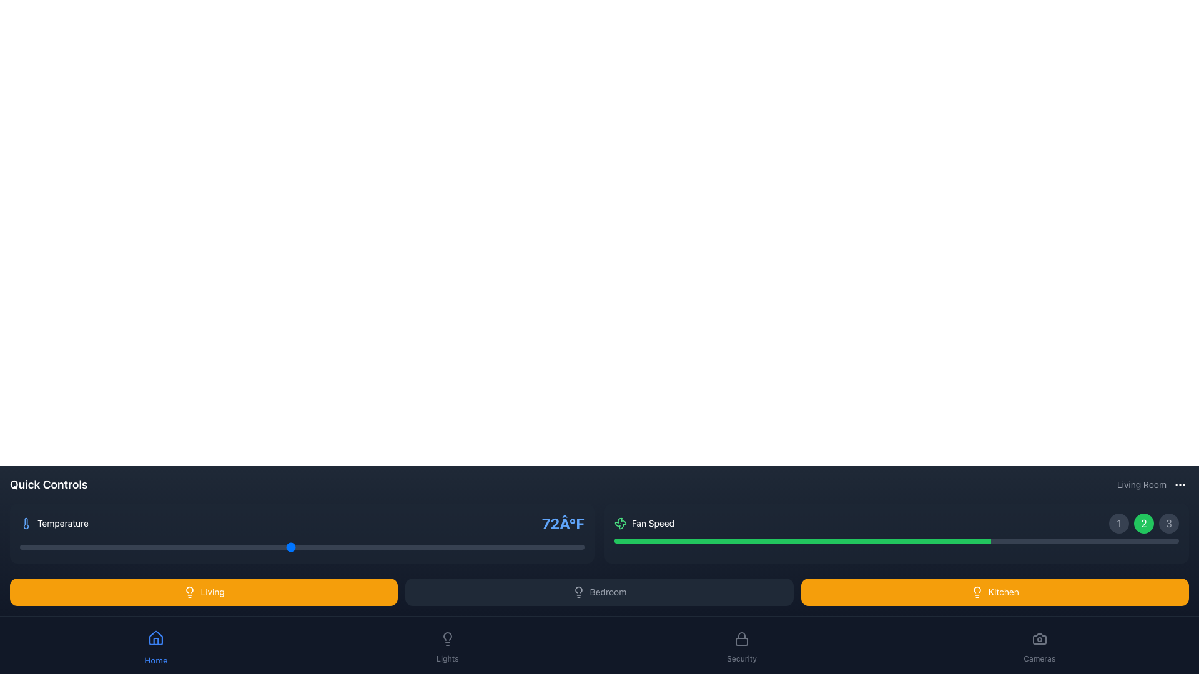 This screenshot has height=674, width=1199. What do you see at coordinates (200, 546) in the screenshot?
I see `the temperature` at bounding box center [200, 546].